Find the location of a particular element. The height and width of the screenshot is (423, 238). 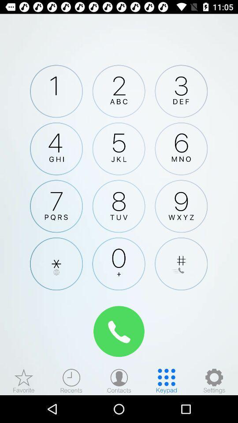

the 4 digit or g h i letter is located at coordinates (56, 148).